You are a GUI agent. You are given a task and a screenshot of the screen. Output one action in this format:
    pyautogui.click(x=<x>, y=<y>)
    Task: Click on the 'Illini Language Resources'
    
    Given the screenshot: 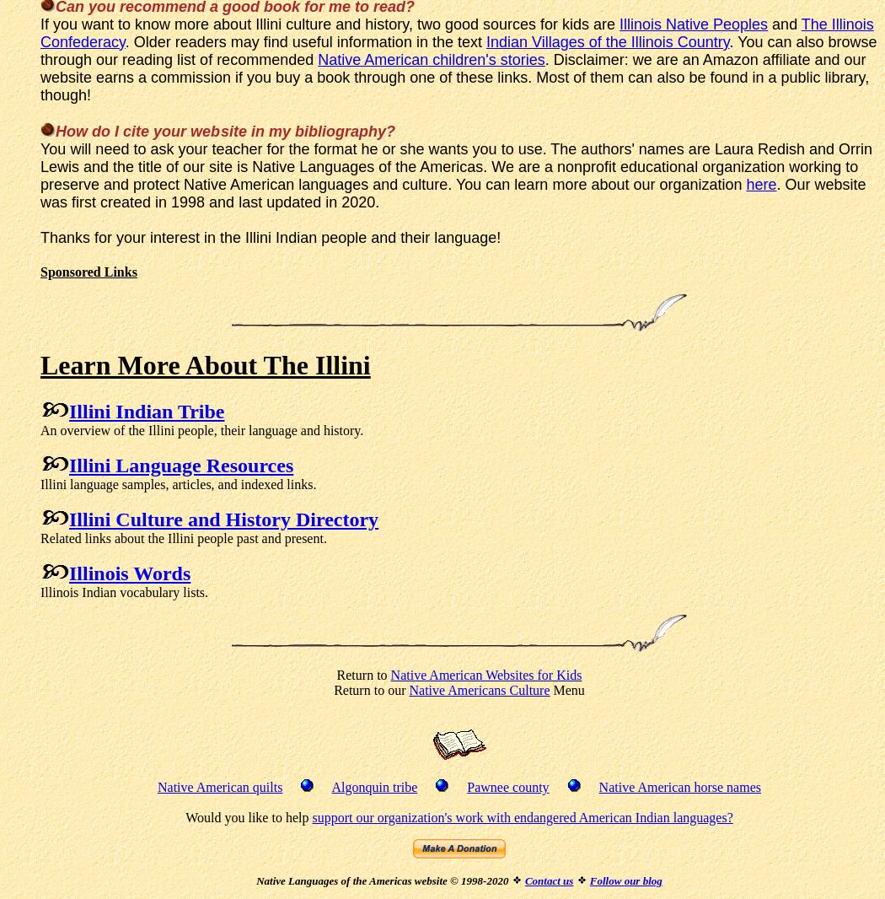 What is the action you would take?
    pyautogui.click(x=69, y=464)
    